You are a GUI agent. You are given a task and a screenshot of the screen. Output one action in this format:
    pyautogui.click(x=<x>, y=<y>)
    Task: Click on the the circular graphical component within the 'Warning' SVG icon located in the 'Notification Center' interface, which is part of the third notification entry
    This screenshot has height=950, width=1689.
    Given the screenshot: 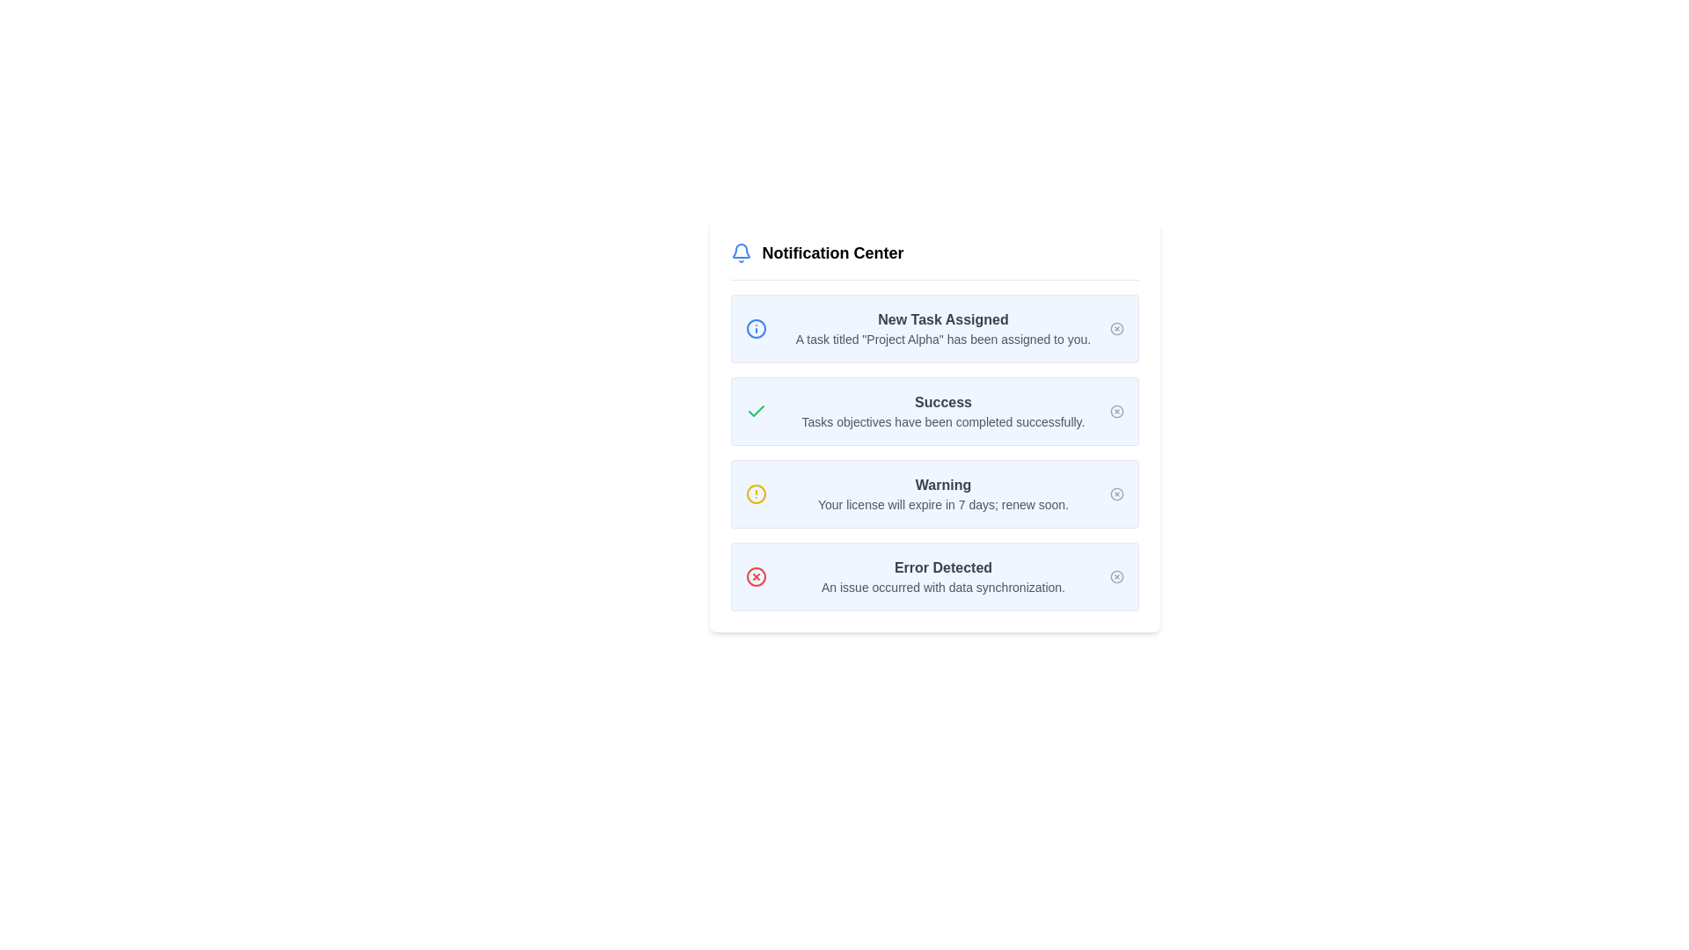 What is the action you would take?
    pyautogui.click(x=1115, y=494)
    